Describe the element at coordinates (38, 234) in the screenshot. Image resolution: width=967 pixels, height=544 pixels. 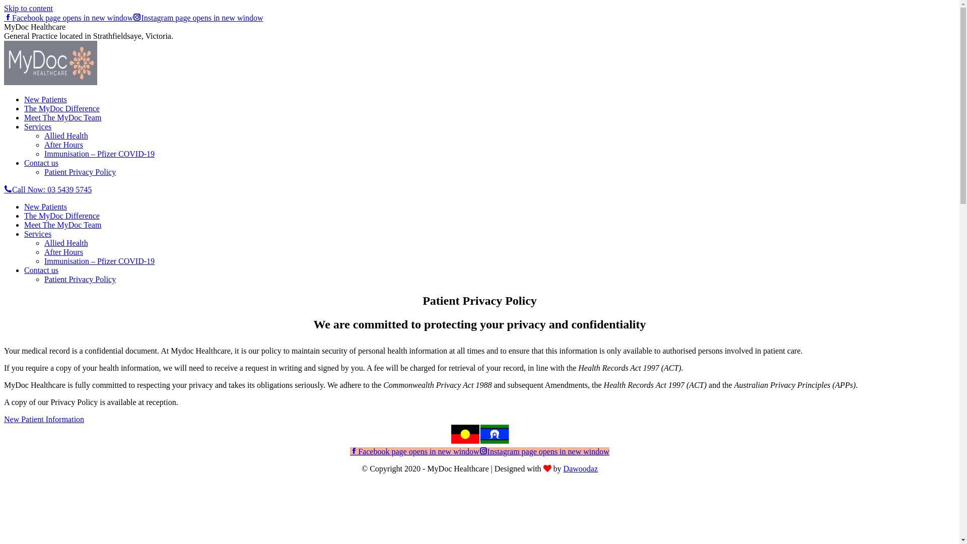
I see `'Services'` at that location.